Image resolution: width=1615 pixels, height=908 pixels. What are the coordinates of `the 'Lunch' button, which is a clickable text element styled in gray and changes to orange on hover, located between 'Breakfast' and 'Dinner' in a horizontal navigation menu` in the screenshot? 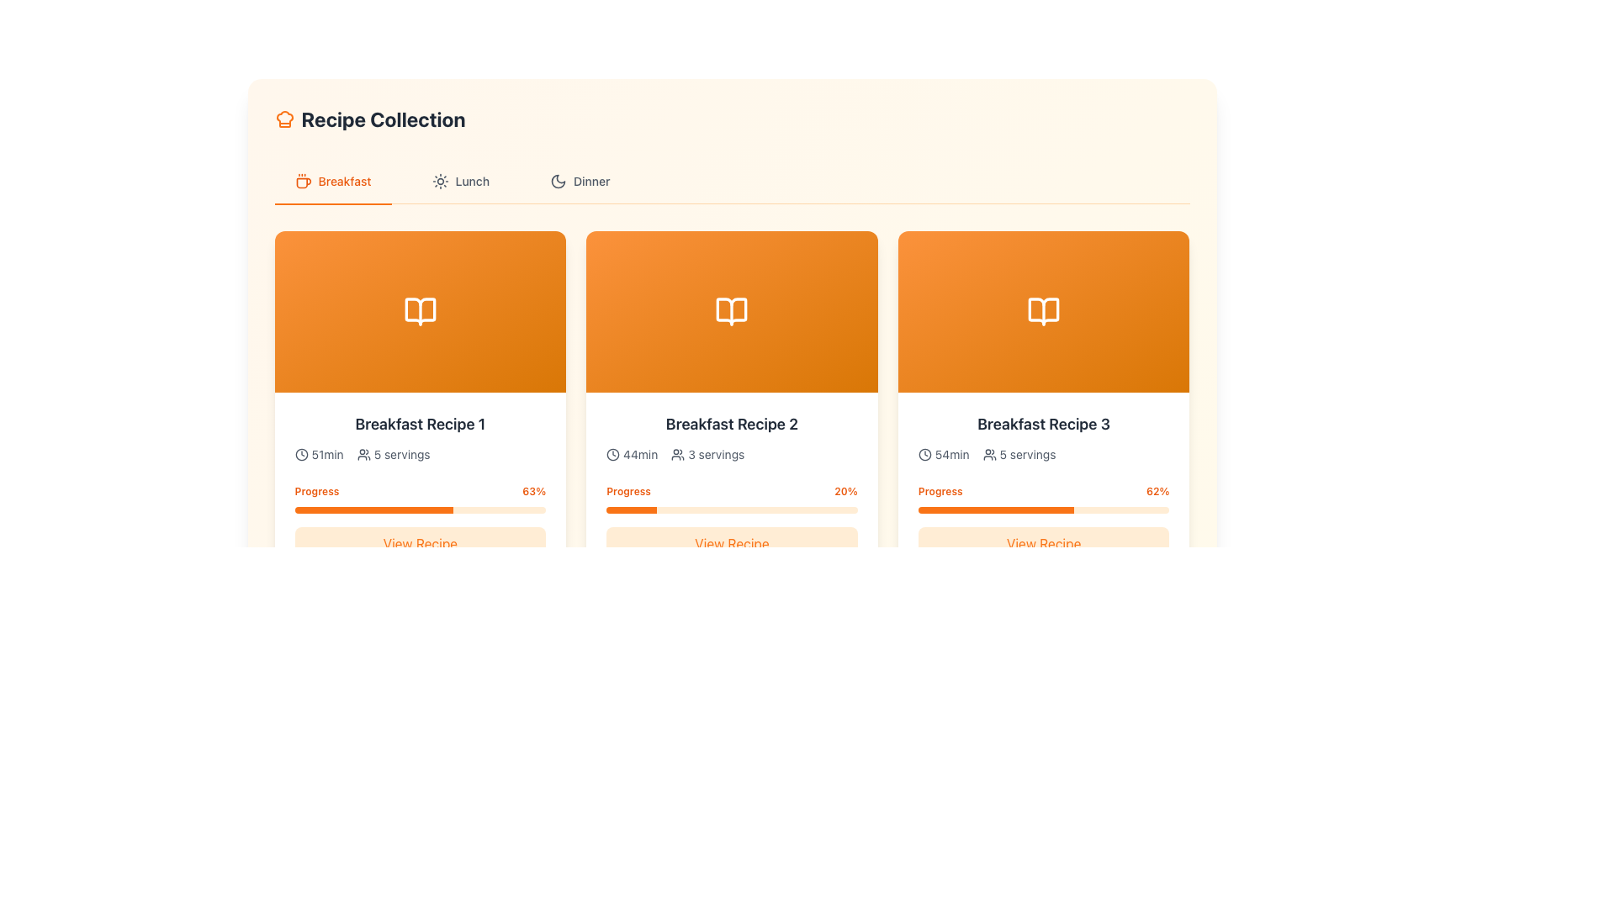 It's located at (460, 182).